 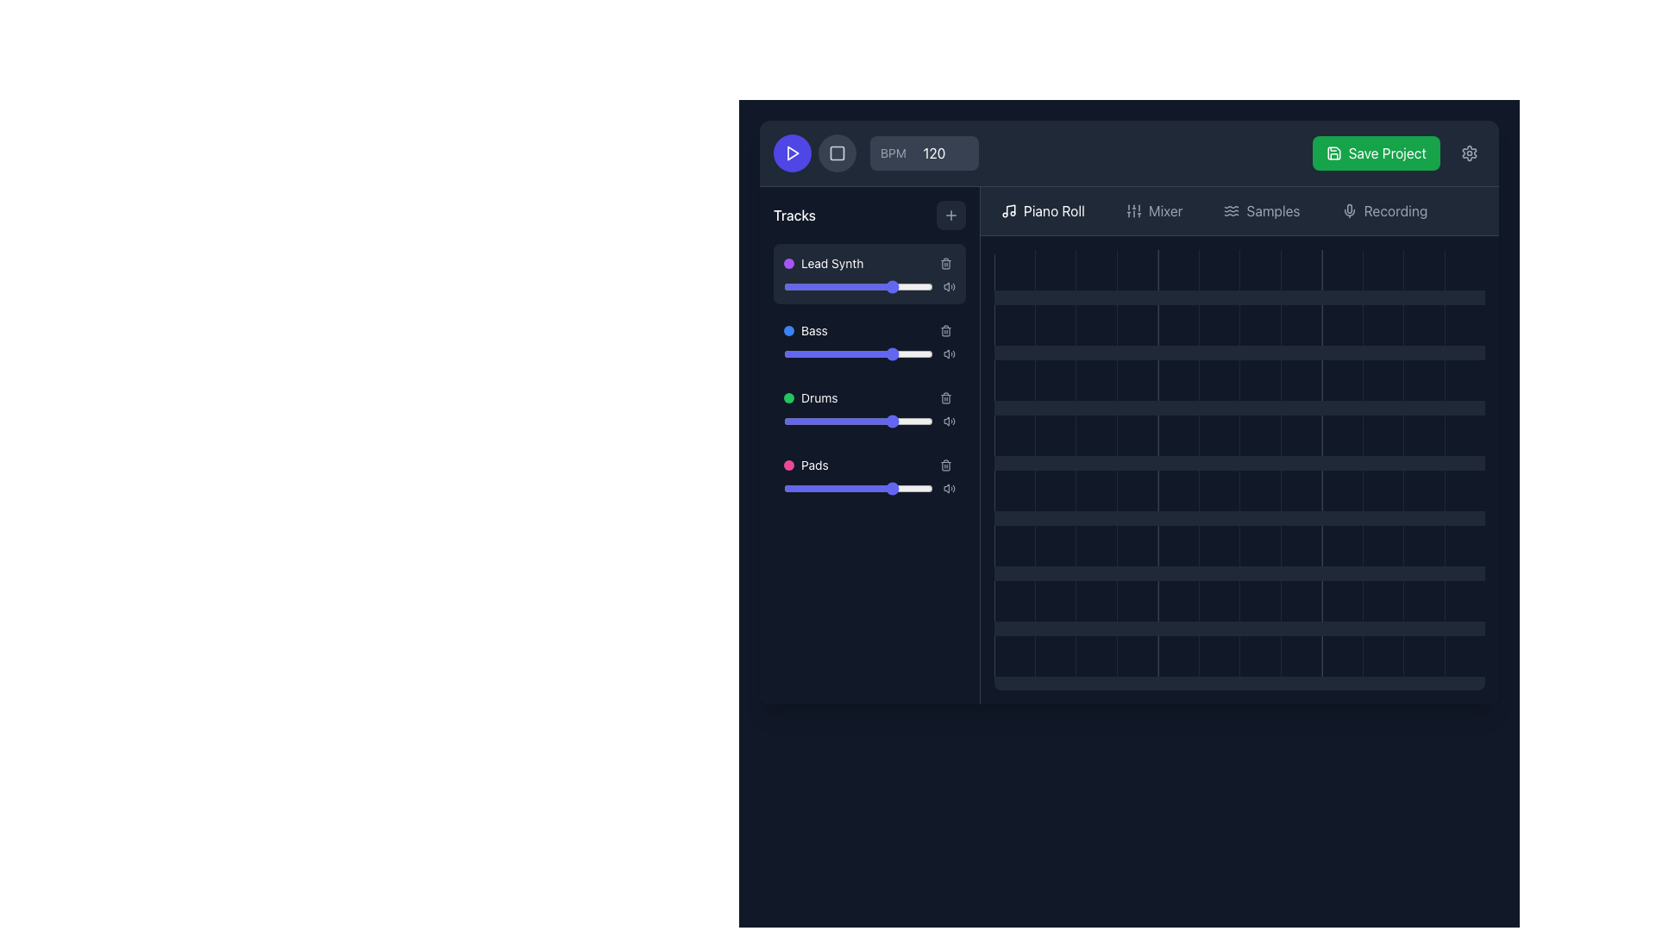 What do you see at coordinates (1095, 270) in the screenshot?
I see `the square-shaped grid cell located in the third column of the first row with a dark gray background` at bounding box center [1095, 270].